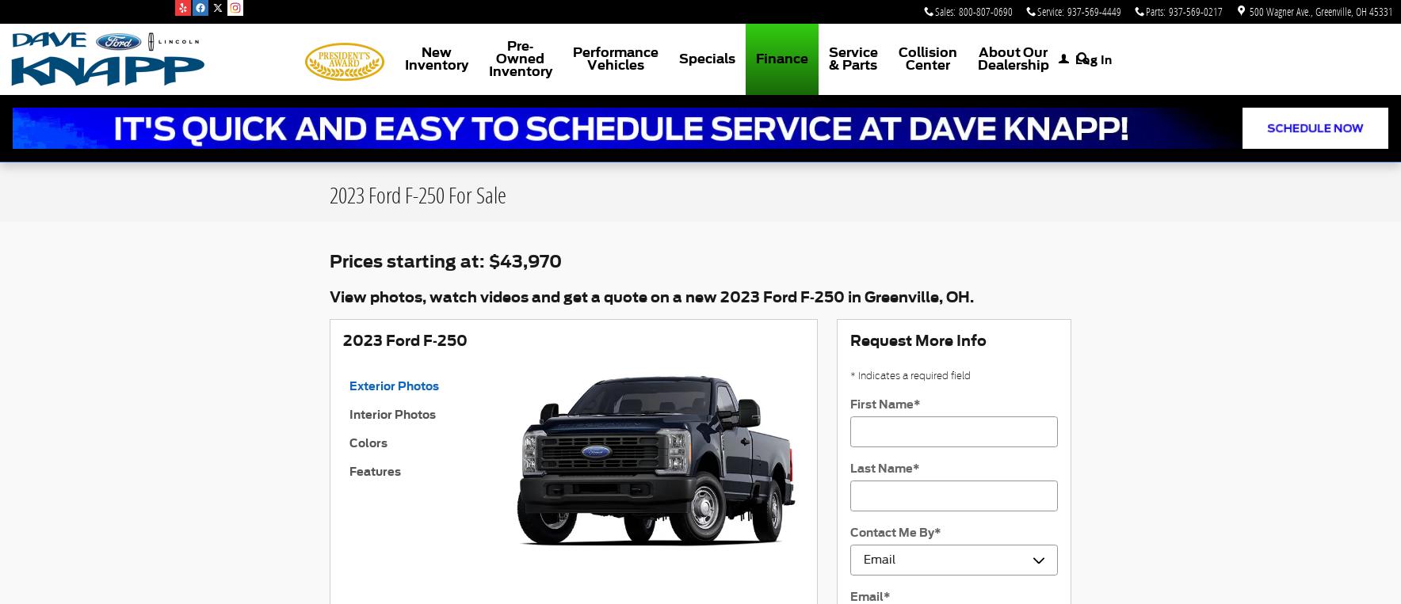  Describe the element at coordinates (866, 596) in the screenshot. I see `'Email'` at that location.